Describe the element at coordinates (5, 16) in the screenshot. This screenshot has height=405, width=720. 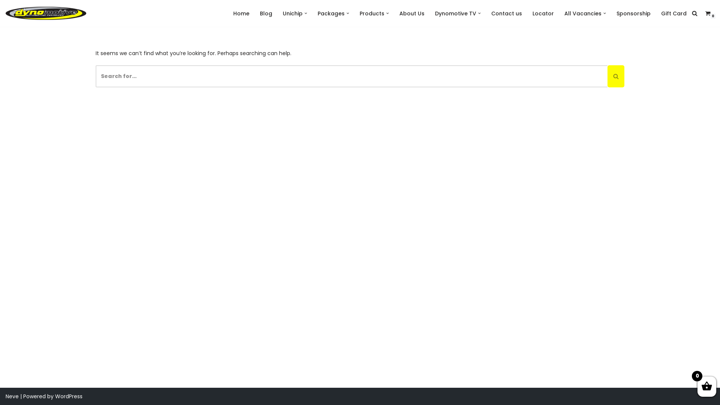
I see `'Skip to content'` at that location.